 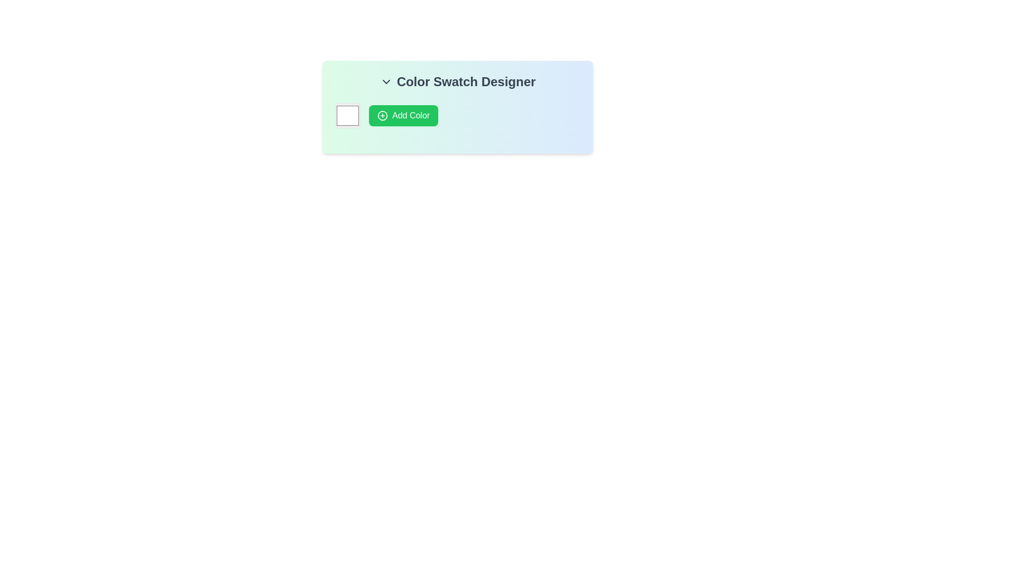 I want to click on the text label reading 'Color Swatch Designer', which is styled in bold and centered above a gradient background, so click(x=457, y=81).